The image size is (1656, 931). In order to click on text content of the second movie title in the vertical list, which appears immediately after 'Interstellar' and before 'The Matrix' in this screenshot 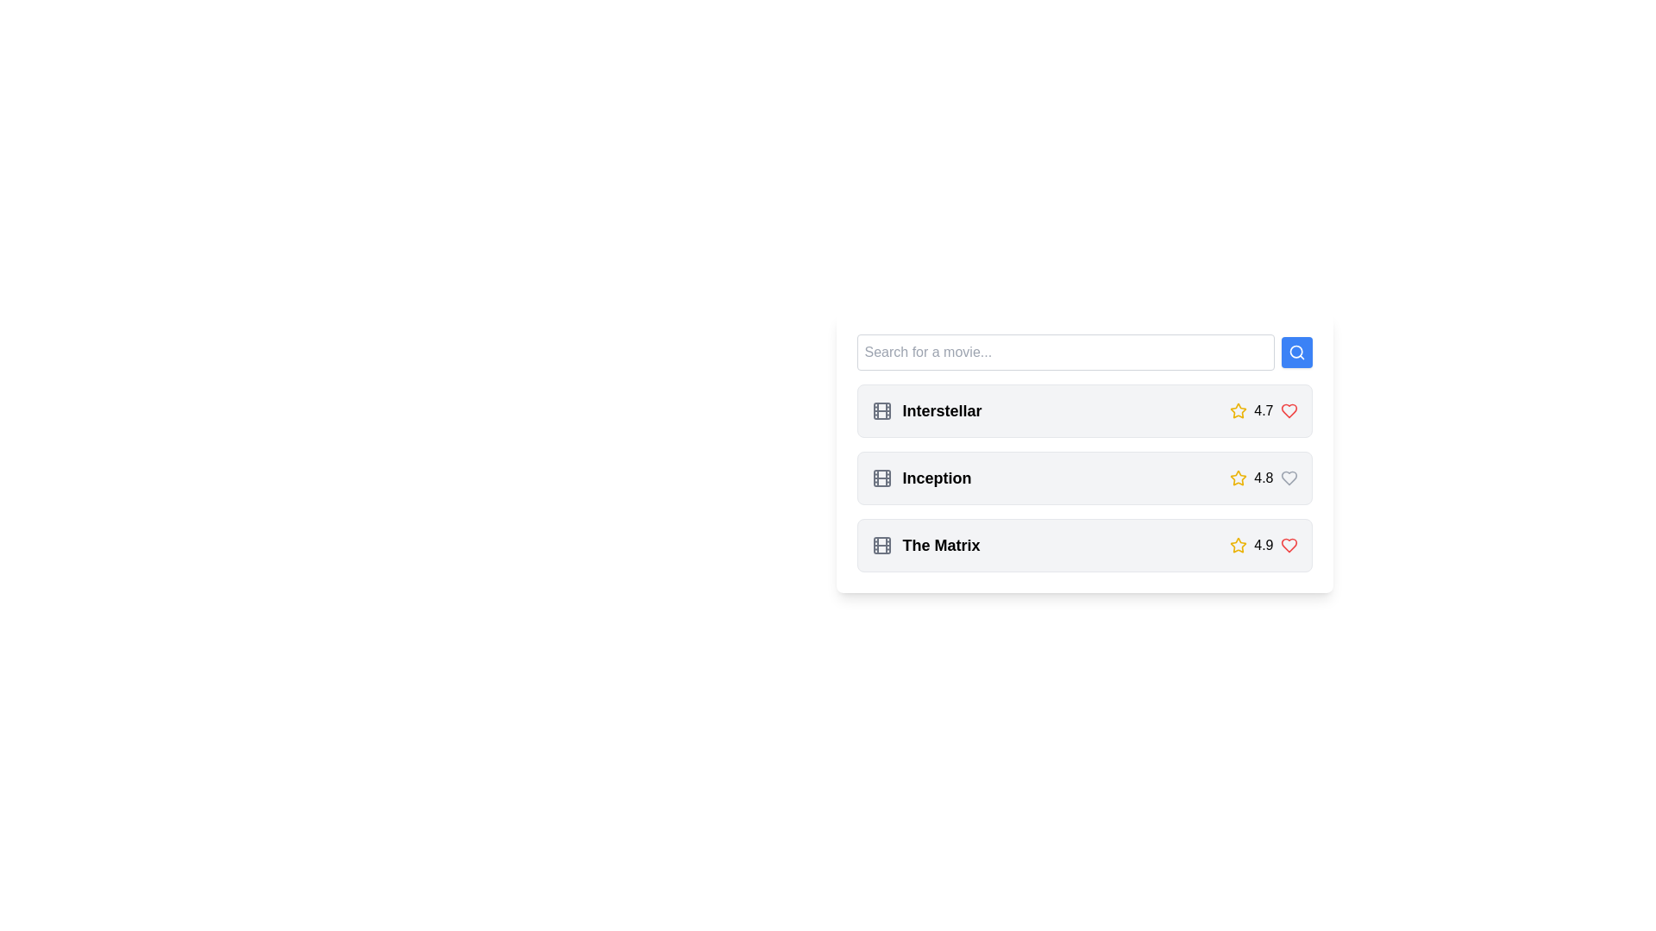, I will do `click(936, 478)`.